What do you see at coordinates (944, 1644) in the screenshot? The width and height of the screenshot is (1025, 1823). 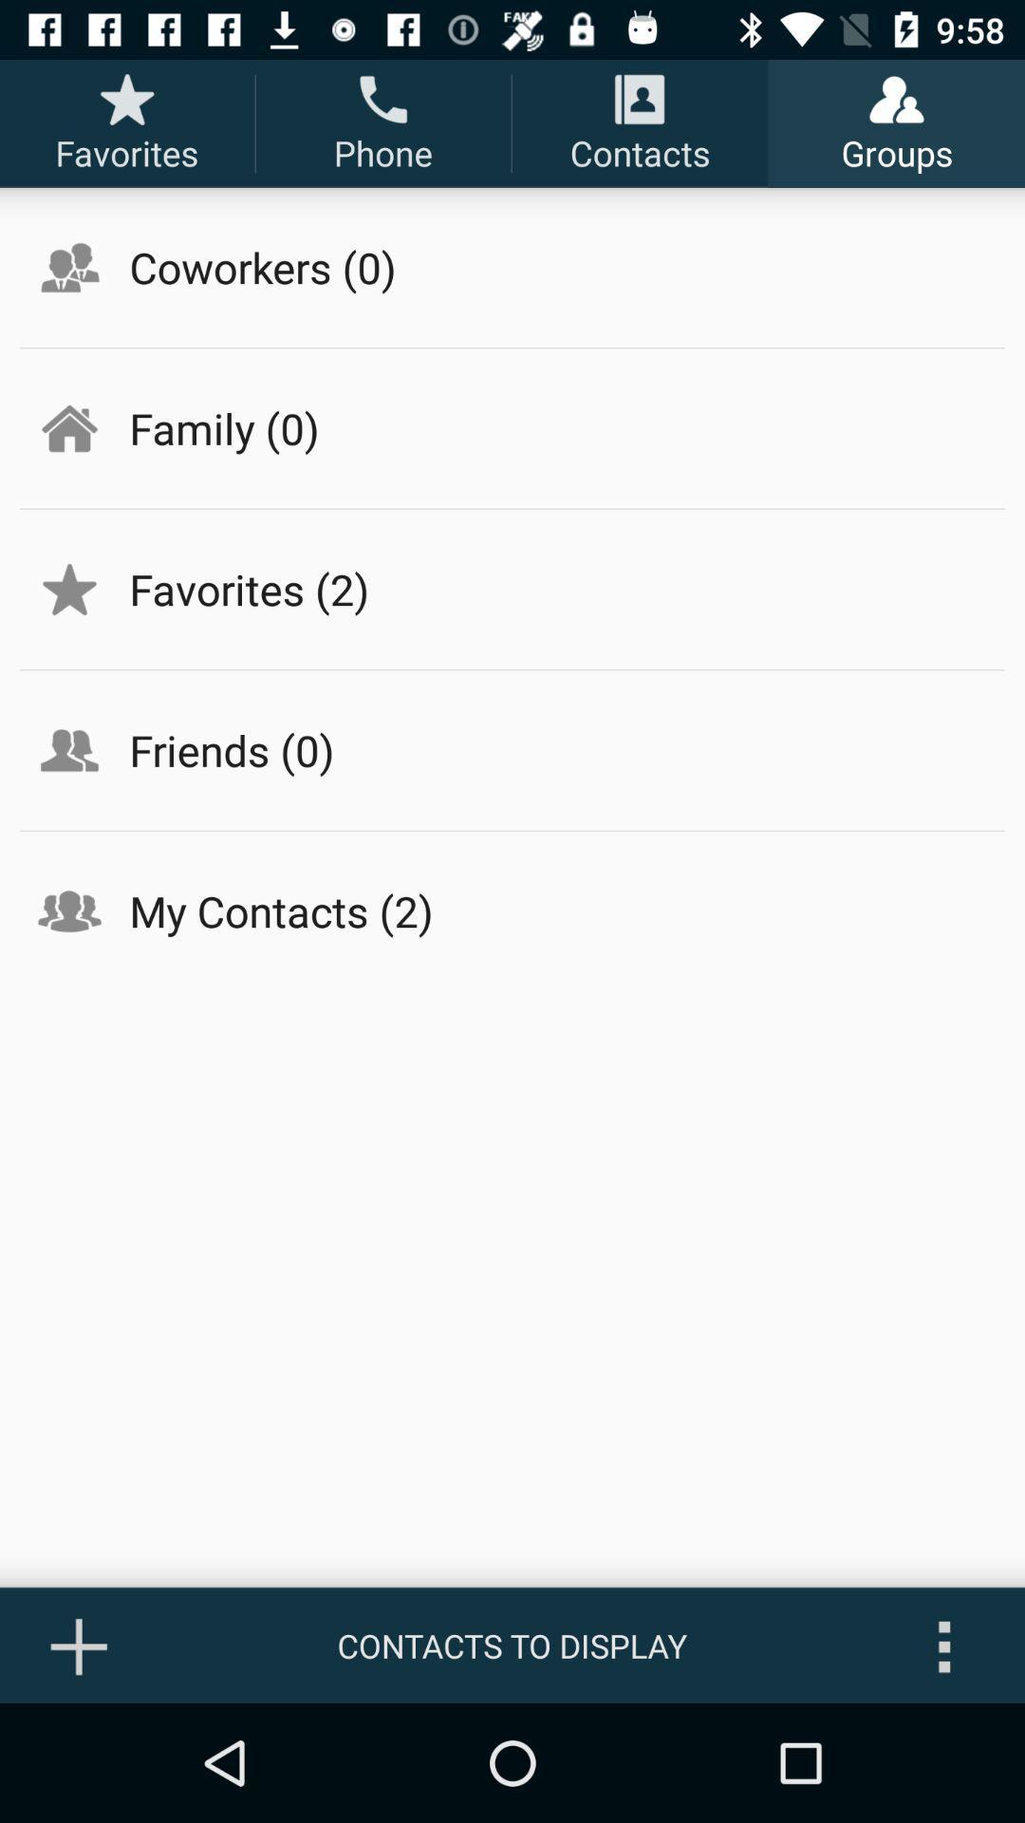 I see `item at the bottom right corner` at bounding box center [944, 1644].